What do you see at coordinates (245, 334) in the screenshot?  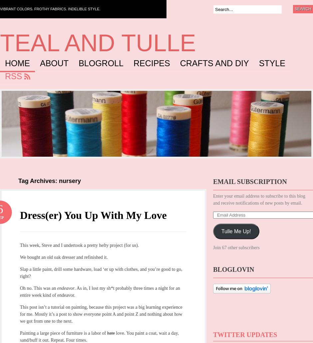 I see `'Twitter Updates'` at bounding box center [245, 334].